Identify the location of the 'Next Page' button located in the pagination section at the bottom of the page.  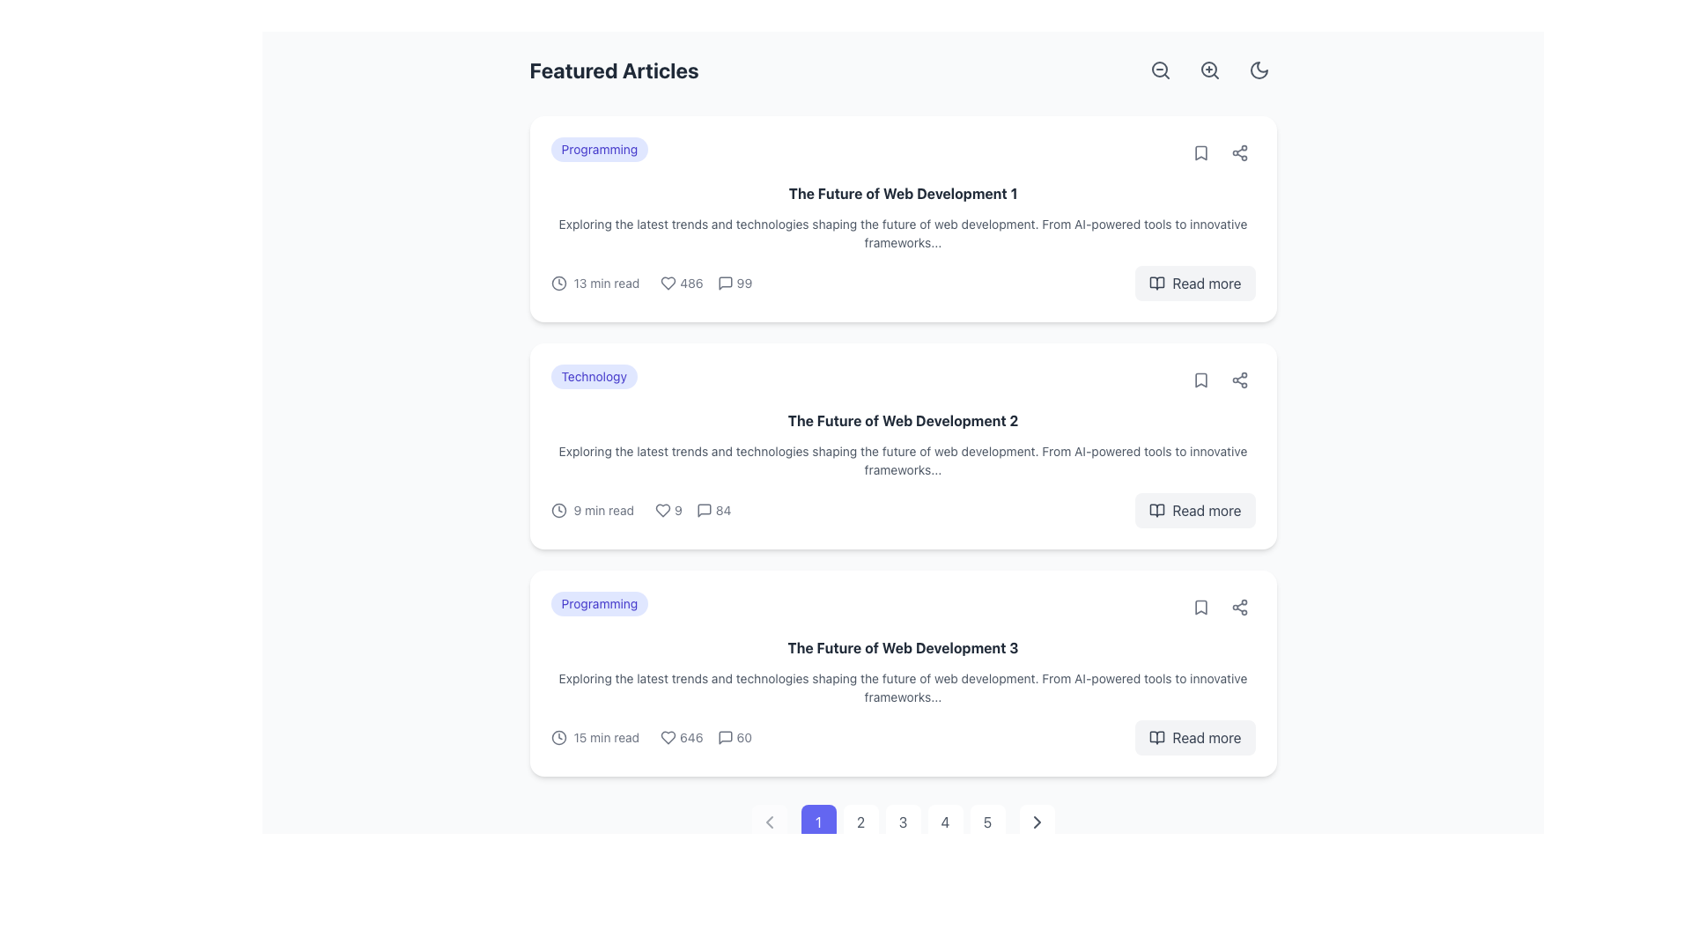
(1037, 822).